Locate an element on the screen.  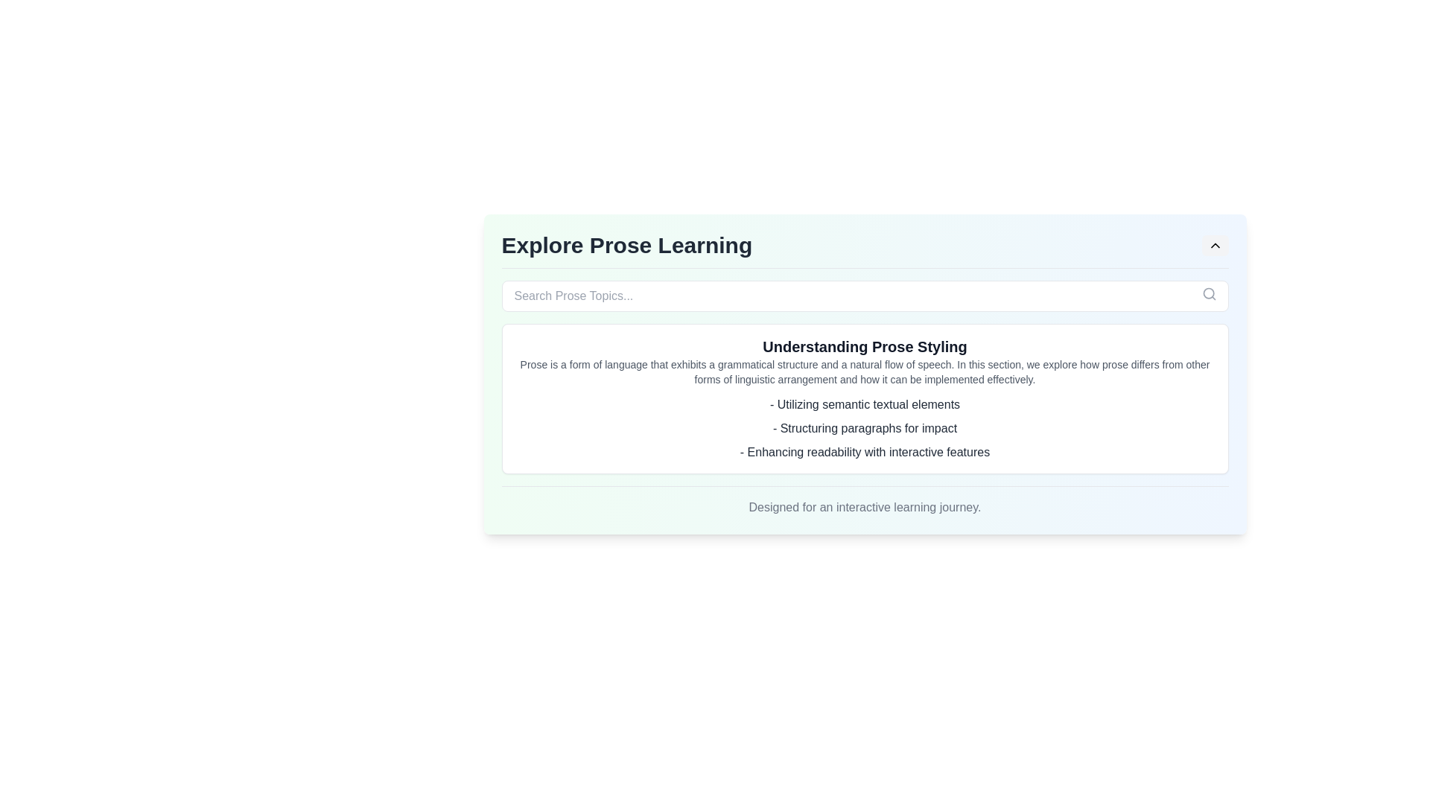
descriptive text block located immediately below the bold title 'Understanding Prose Styling', which provides information about the concept of prose is located at coordinates (865, 371).